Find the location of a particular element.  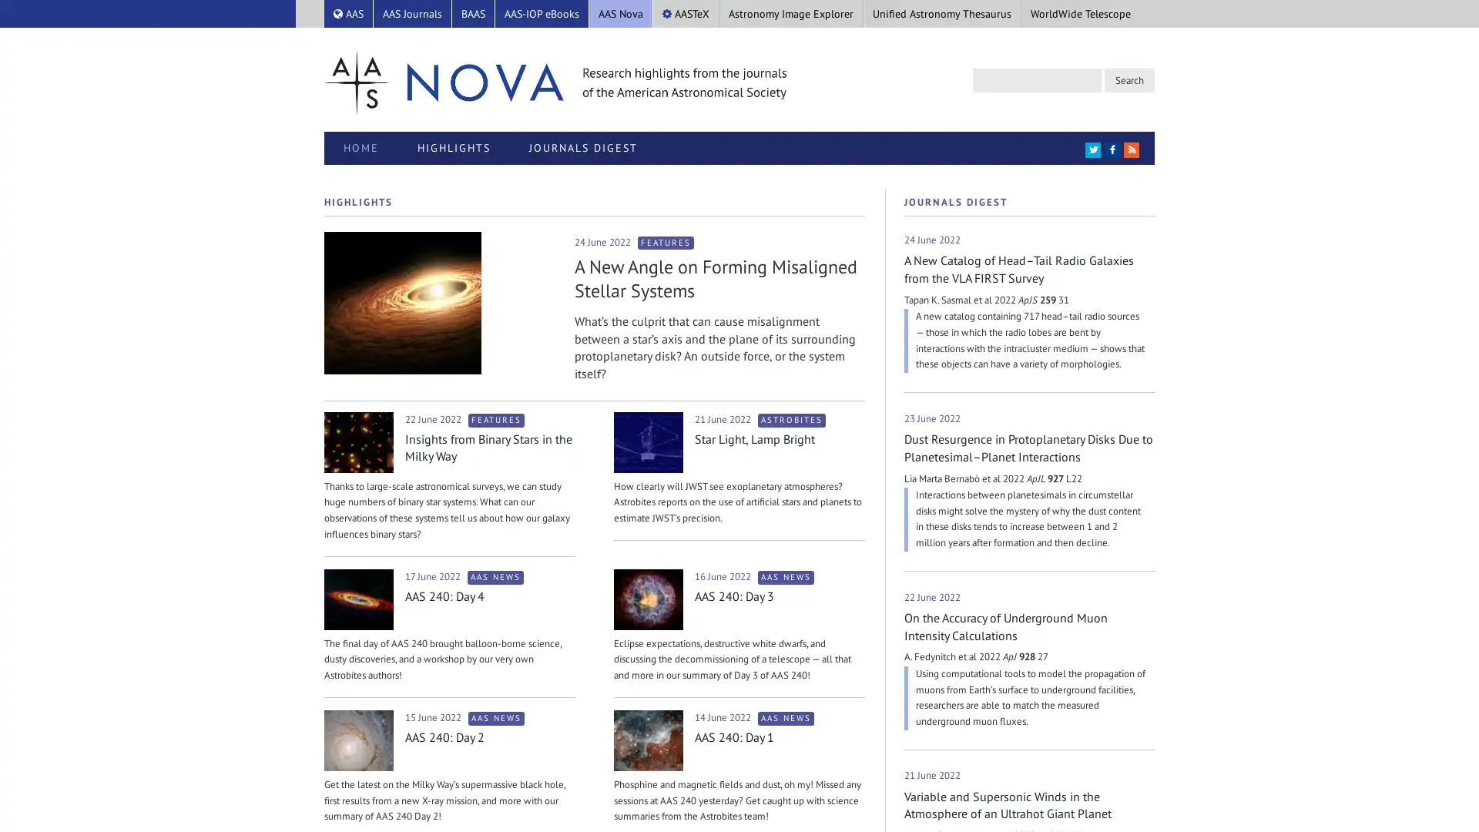

Search is located at coordinates (1129, 80).